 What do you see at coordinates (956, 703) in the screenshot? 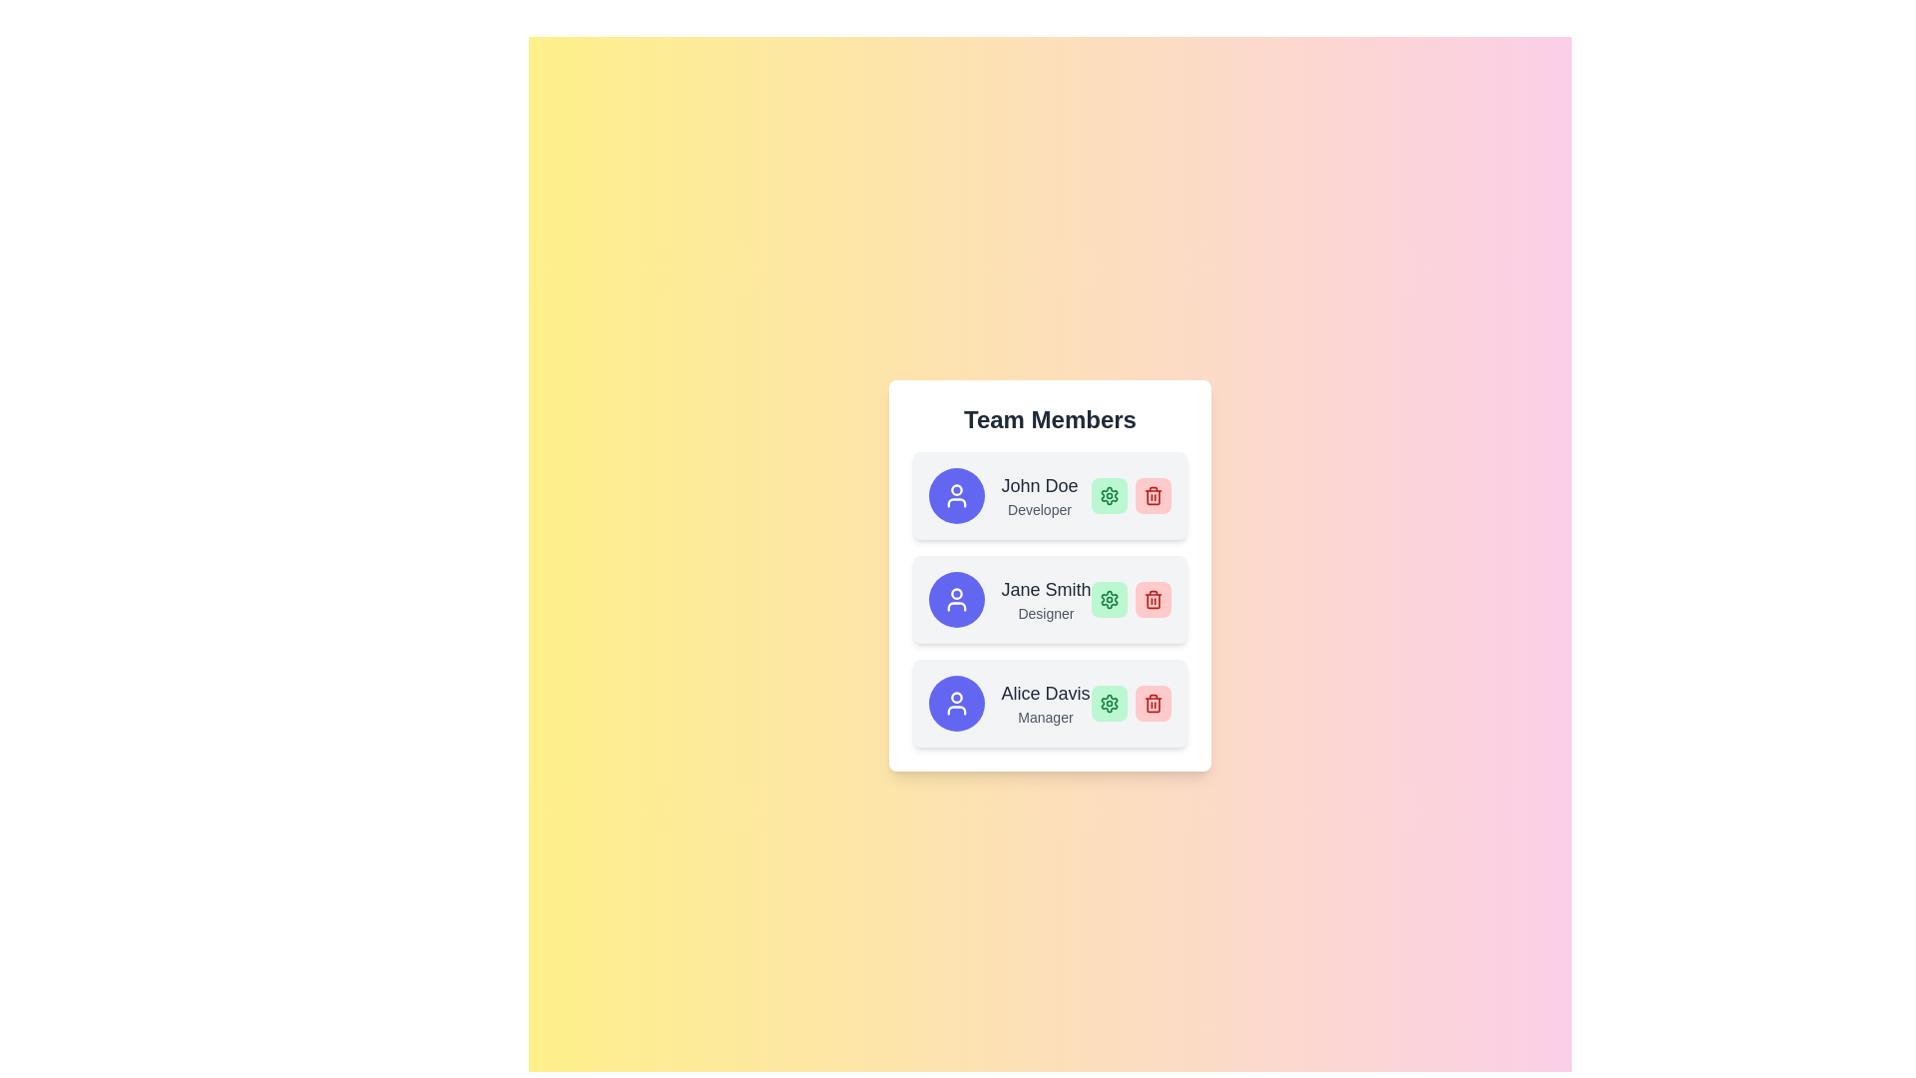
I see `Circular Avatar Icon with a purple background and white user icon, located in the third team member card, adjacent to the text 'Alice Davis' and other controls` at bounding box center [956, 703].